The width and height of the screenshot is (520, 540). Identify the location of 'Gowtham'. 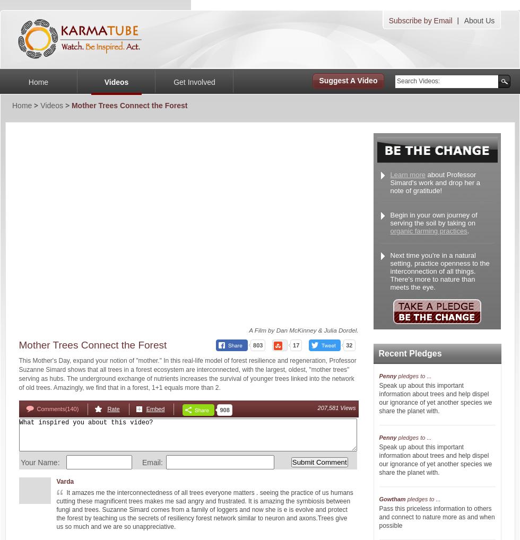
(379, 499).